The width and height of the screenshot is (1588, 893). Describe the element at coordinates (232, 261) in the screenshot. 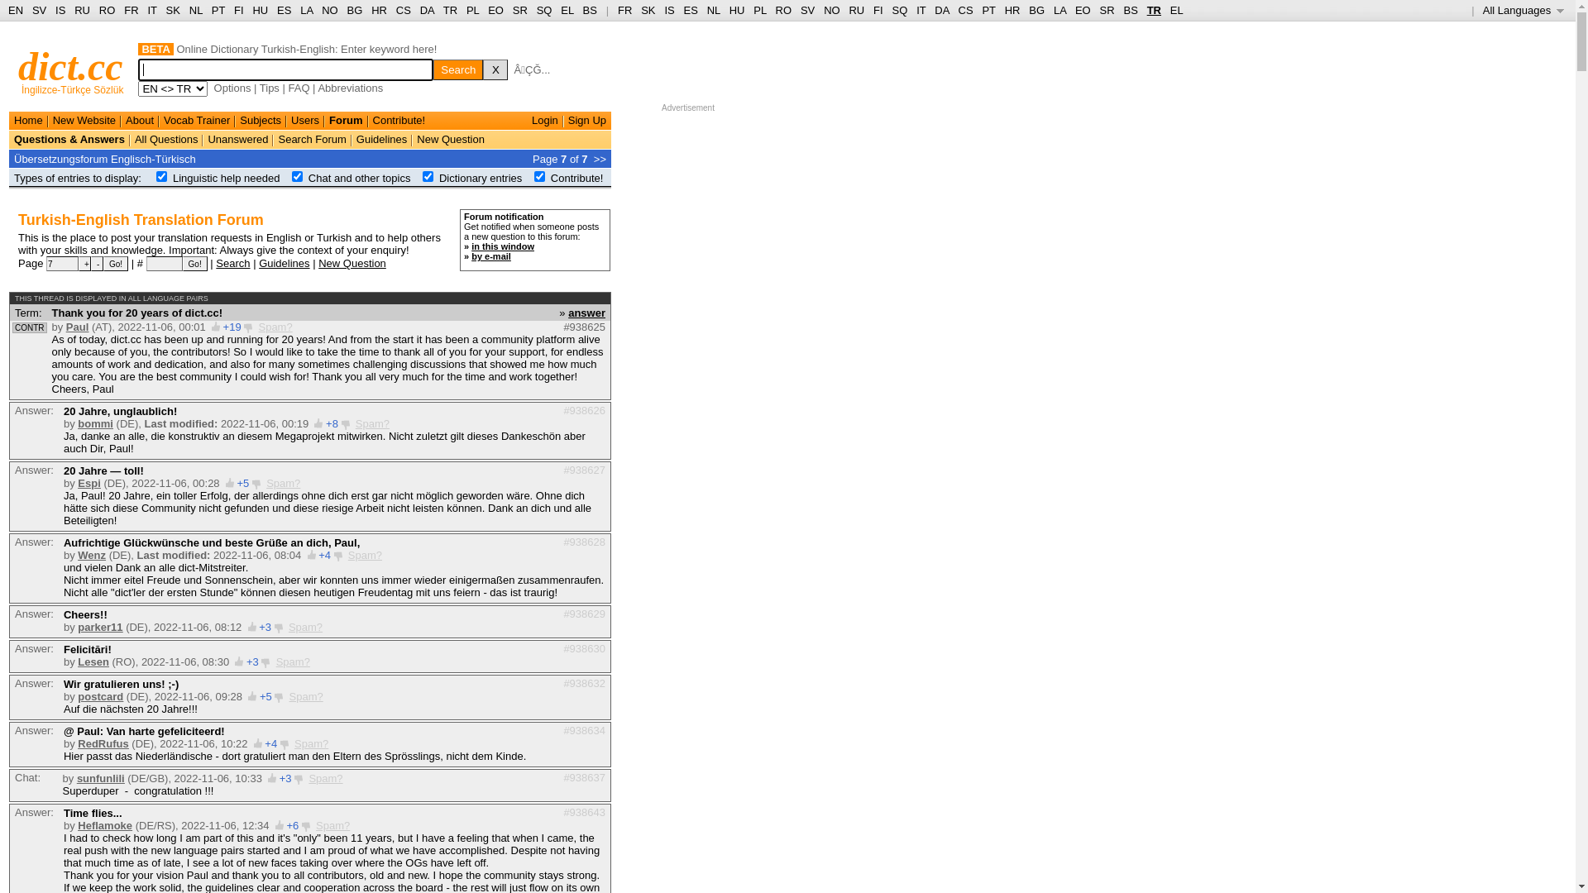

I see `'Search'` at that location.